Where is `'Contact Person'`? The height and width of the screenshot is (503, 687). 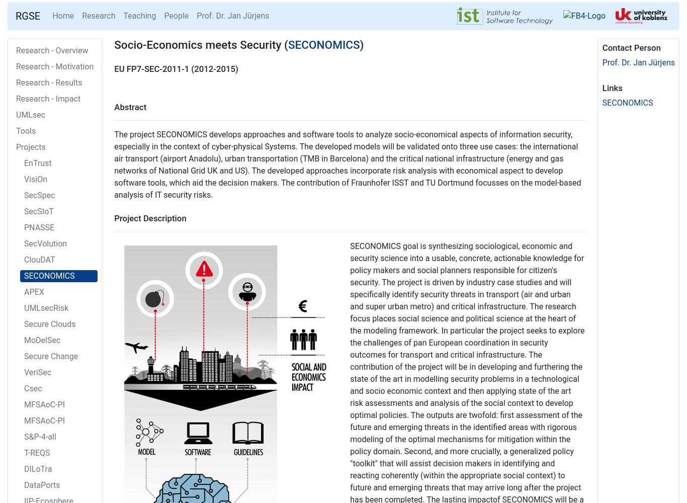 'Contact Person' is located at coordinates (630, 47).